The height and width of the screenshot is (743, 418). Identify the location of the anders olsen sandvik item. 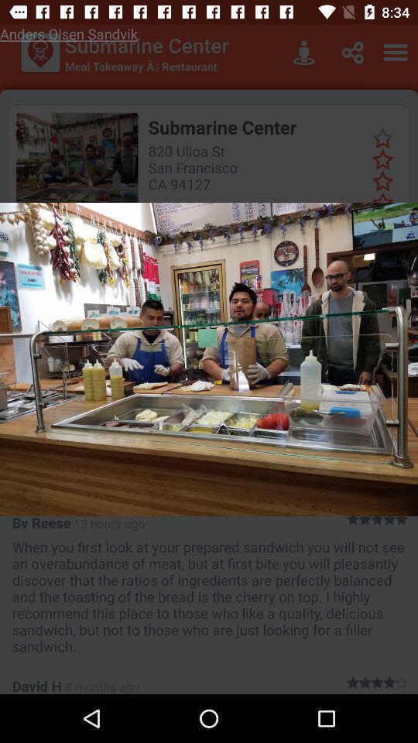
(68, 33).